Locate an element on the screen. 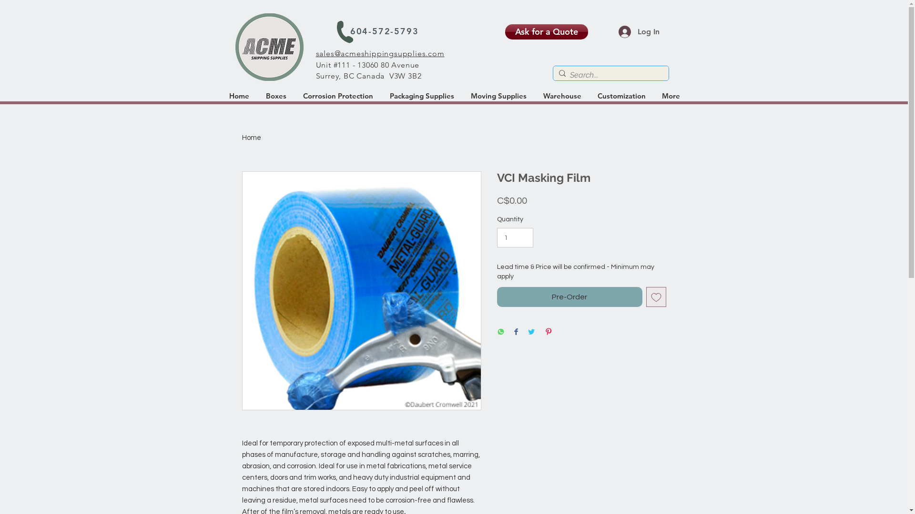  'Customization' is located at coordinates (622, 96).